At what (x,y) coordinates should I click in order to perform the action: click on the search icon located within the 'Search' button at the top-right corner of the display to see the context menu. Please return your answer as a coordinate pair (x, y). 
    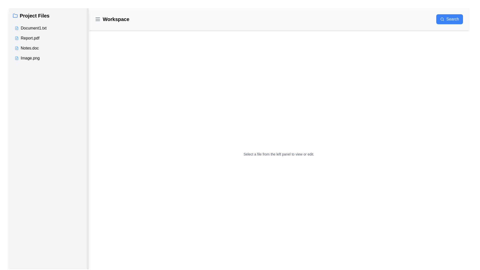
    Looking at the image, I should click on (442, 19).